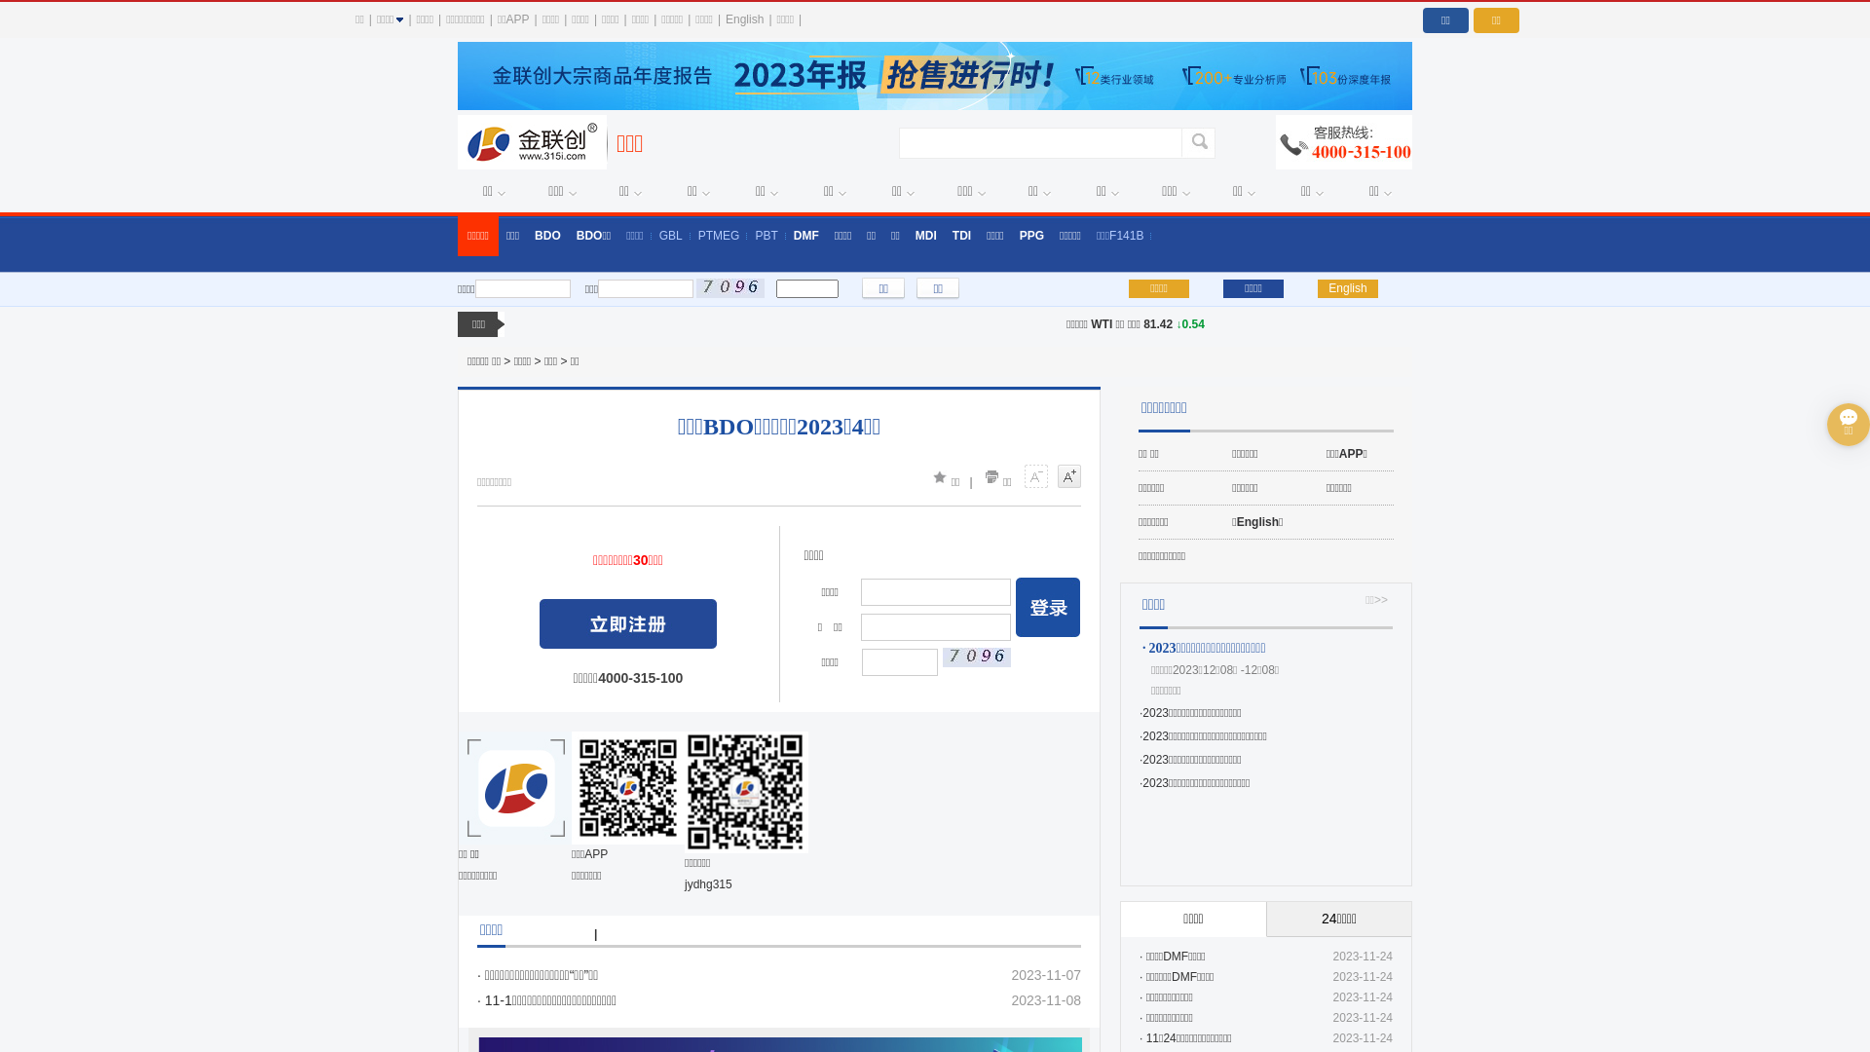  I want to click on 'DMF', so click(785, 235).